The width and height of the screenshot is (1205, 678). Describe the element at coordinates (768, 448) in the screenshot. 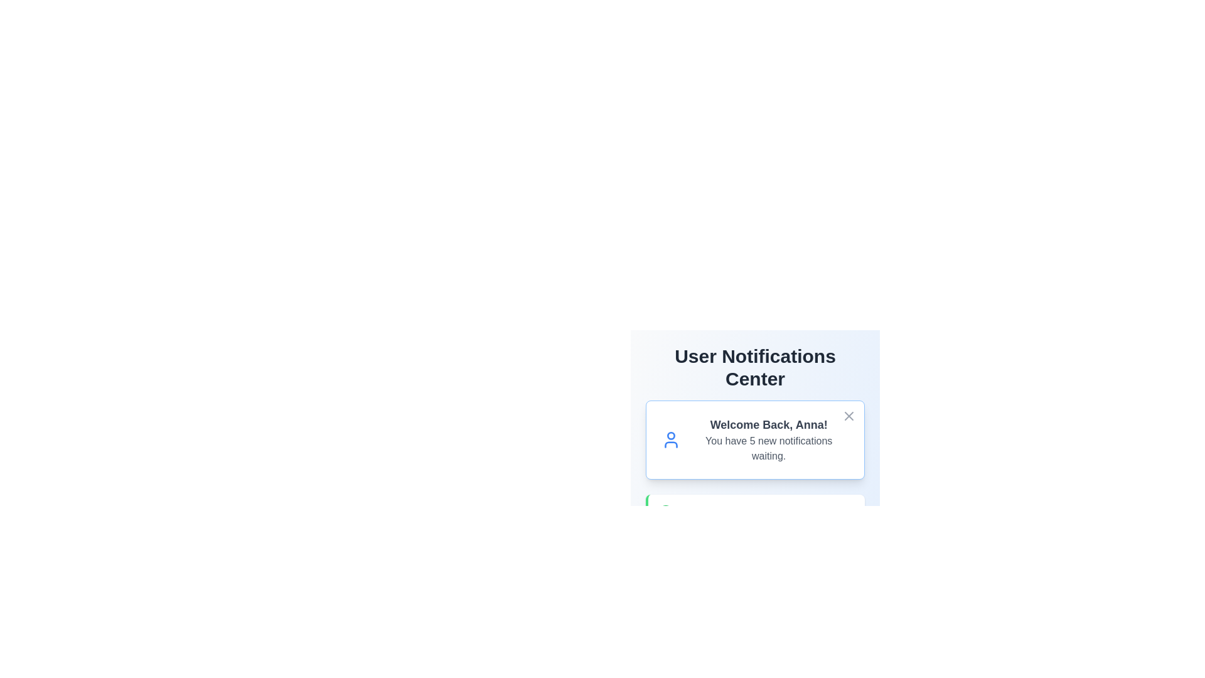

I see `the informational message about pending notifications located below the 'Welcome Back, Anna!' text in the User Notifications Center` at that location.